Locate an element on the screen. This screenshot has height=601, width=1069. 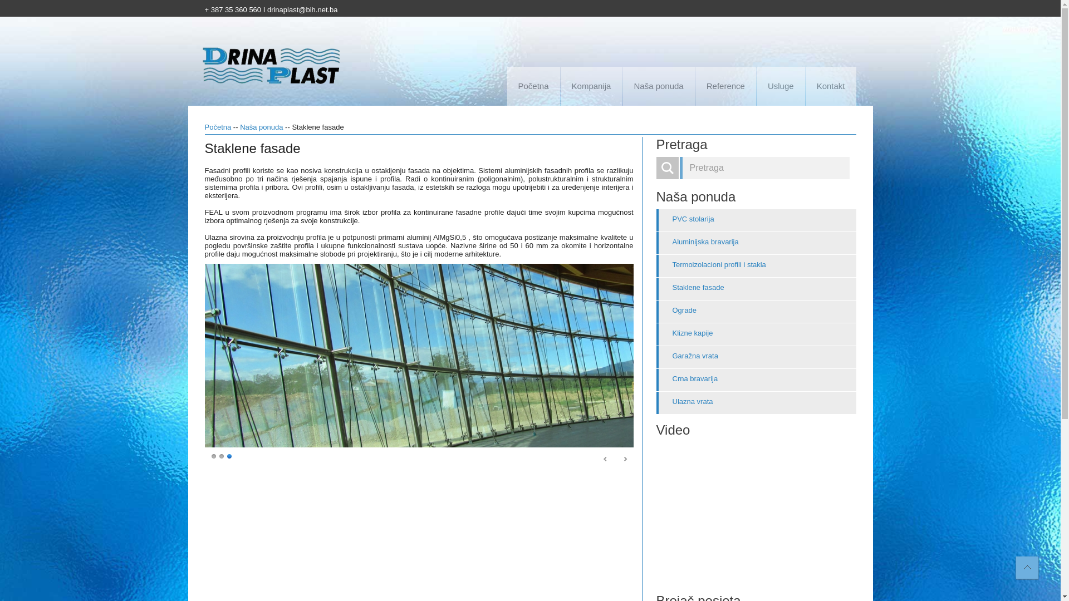
'Kontakt' is located at coordinates (831, 85).